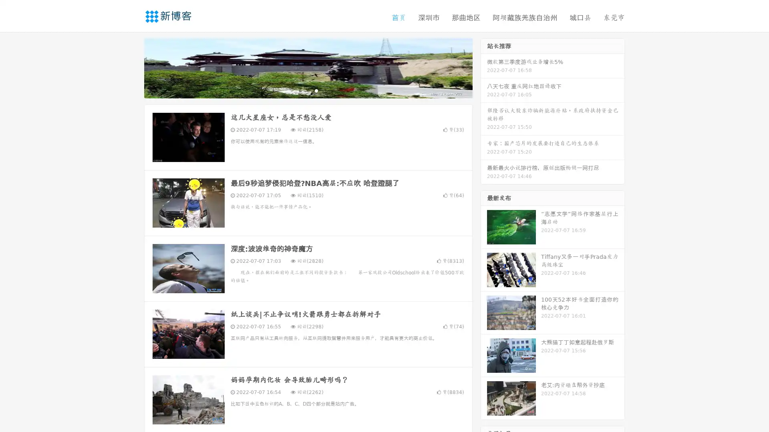 The image size is (769, 432). Describe the element at coordinates (316, 90) in the screenshot. I see `Go to slide 3` at that location.